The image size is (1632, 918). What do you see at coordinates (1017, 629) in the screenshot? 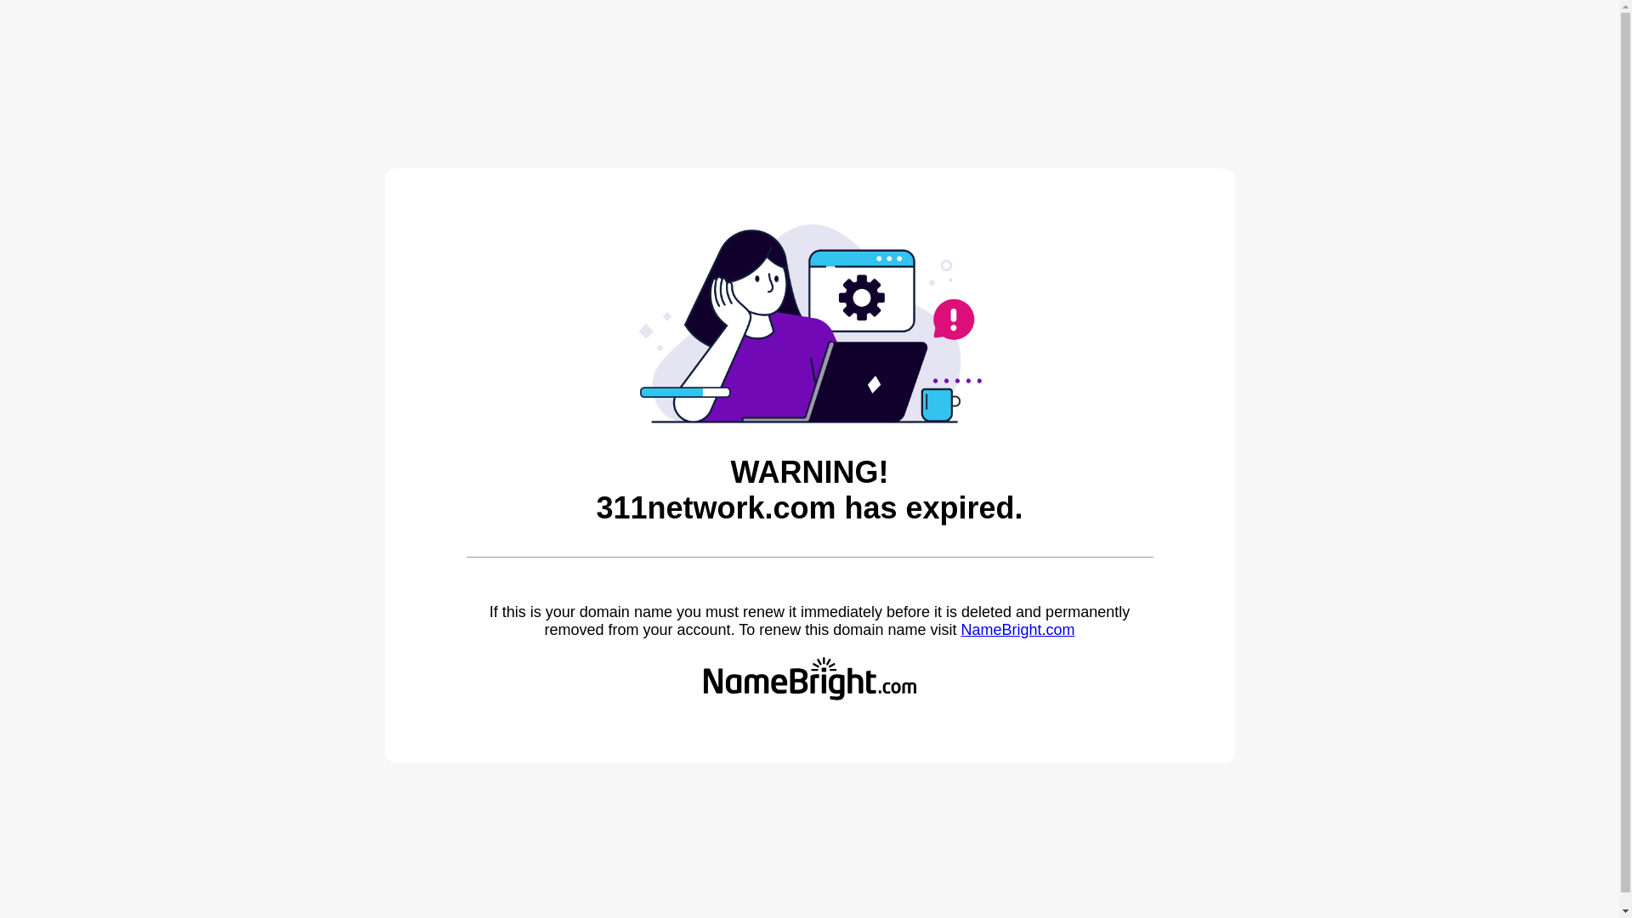
I see `'NameBright.com'` at bounding box center [1017, 629].